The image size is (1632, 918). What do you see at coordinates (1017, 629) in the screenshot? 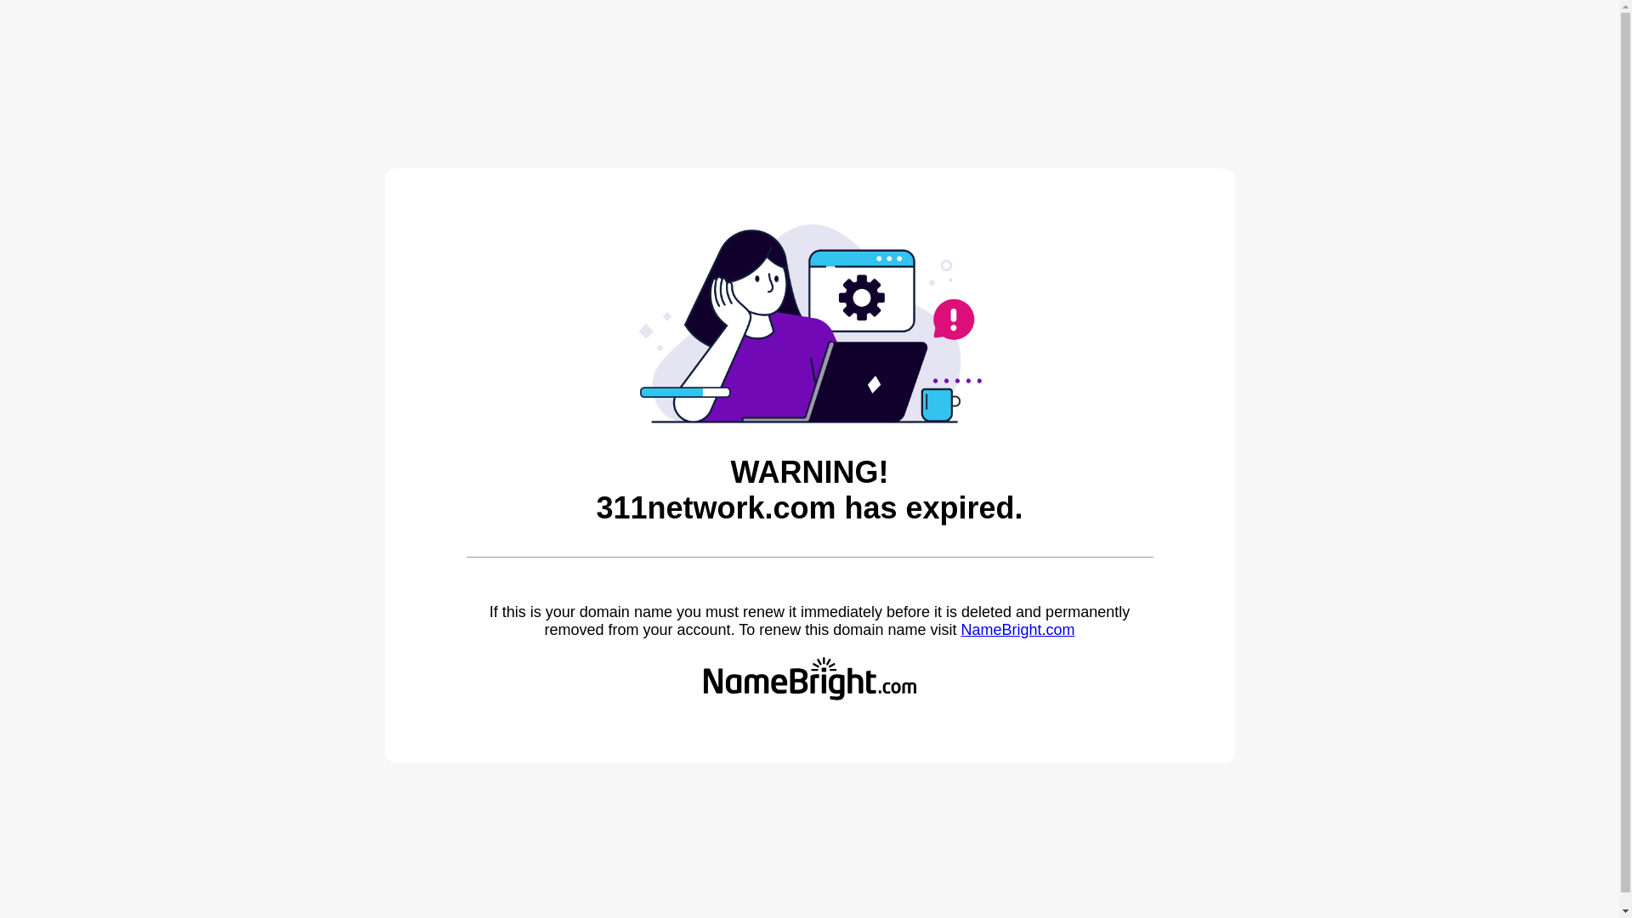
I see `'NameBright.com'` at bounding box center [1017, 629].